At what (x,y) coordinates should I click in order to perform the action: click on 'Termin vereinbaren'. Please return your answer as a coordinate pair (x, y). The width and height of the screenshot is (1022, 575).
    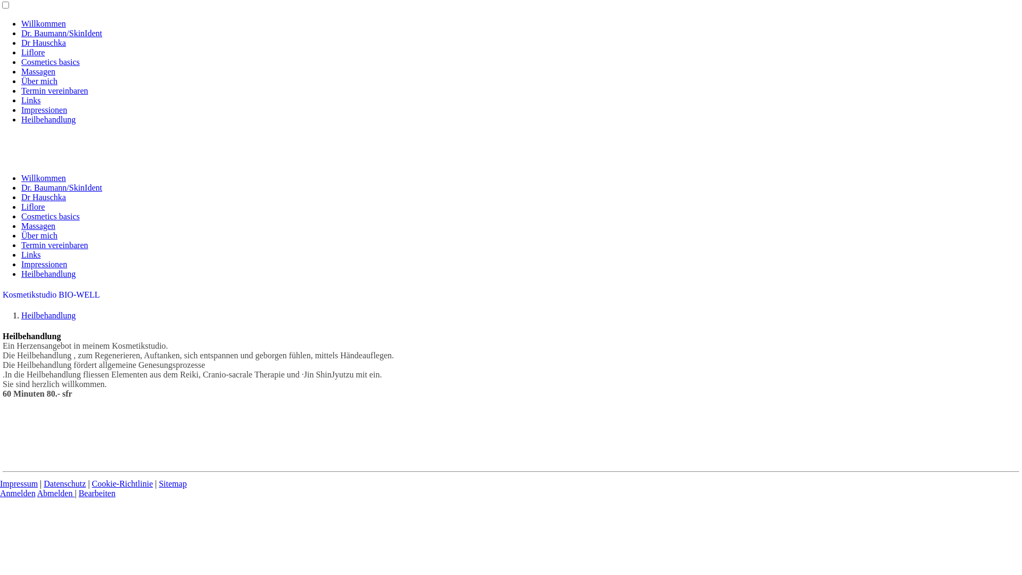
    Looking at the image, I should click on (54, 90).